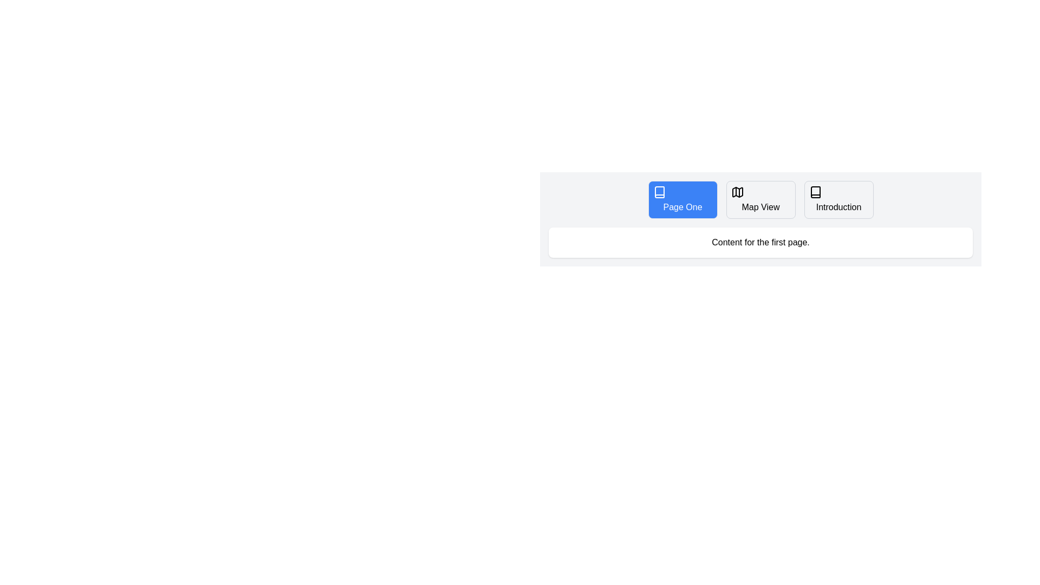 This screenshot has width=1040, height=585. Describe the element at coordinates (760, 200) in the screenshot. I see `the 'Map View' button, which is a rectangular button with a map icon and dark text, positioned between the 'Page One' and 'Introduction' buttons` at that location.